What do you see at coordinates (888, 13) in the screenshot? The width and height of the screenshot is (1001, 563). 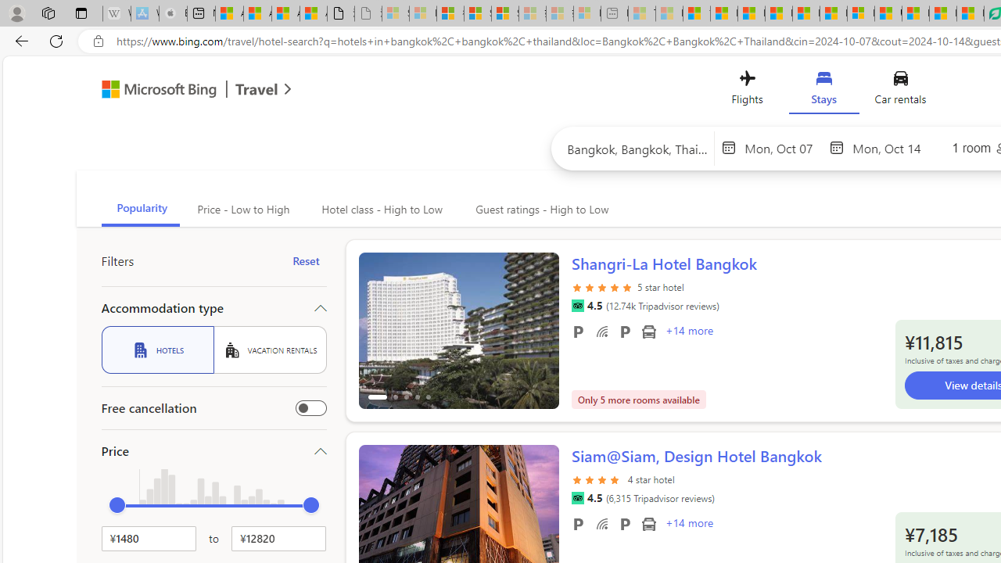 I see `'US Heat Deaths Soared To Record High Last Year'` at bounding box center [888, 13].